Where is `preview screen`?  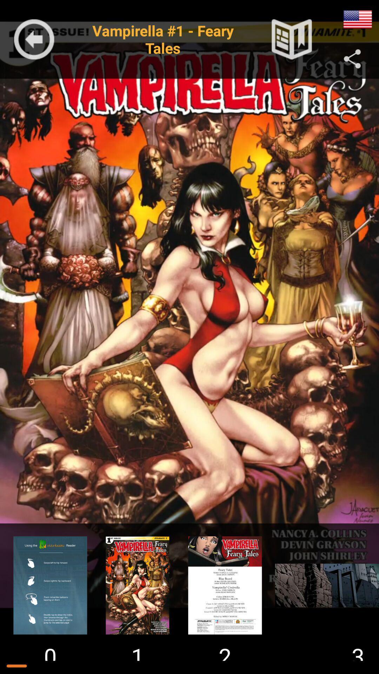
preview screen is located at coordinates (137, 586).